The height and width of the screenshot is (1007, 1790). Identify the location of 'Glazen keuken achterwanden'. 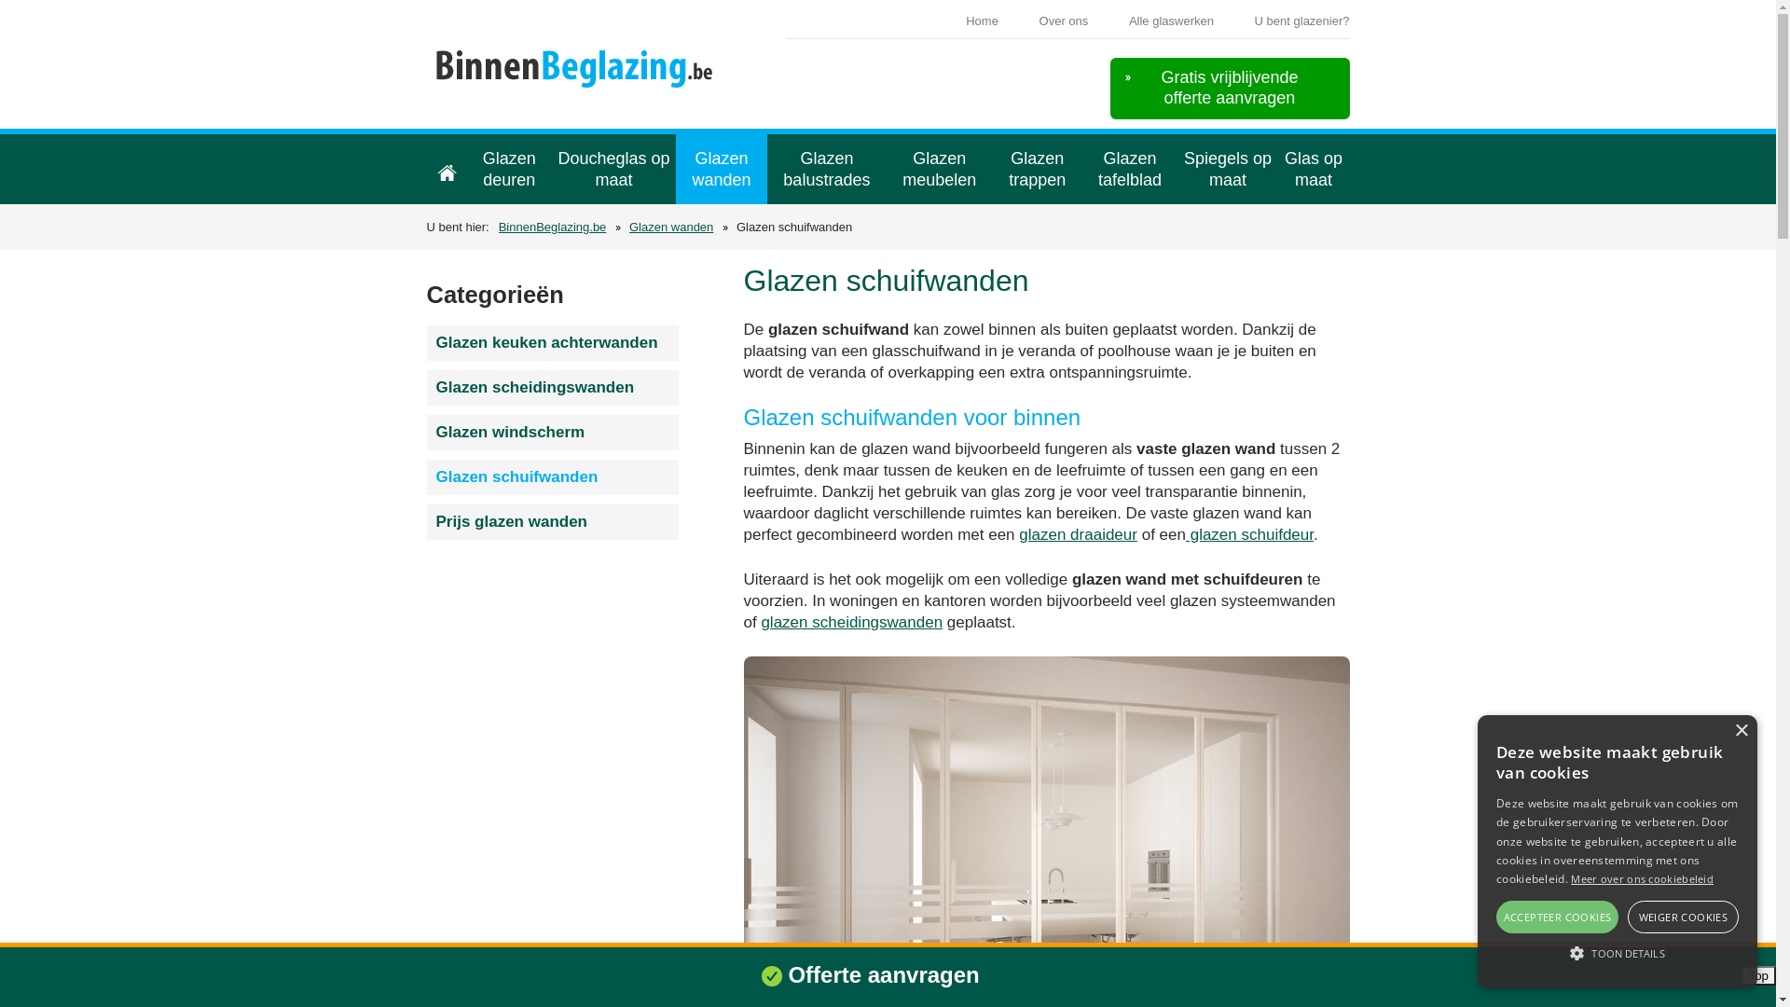
(552, 342).